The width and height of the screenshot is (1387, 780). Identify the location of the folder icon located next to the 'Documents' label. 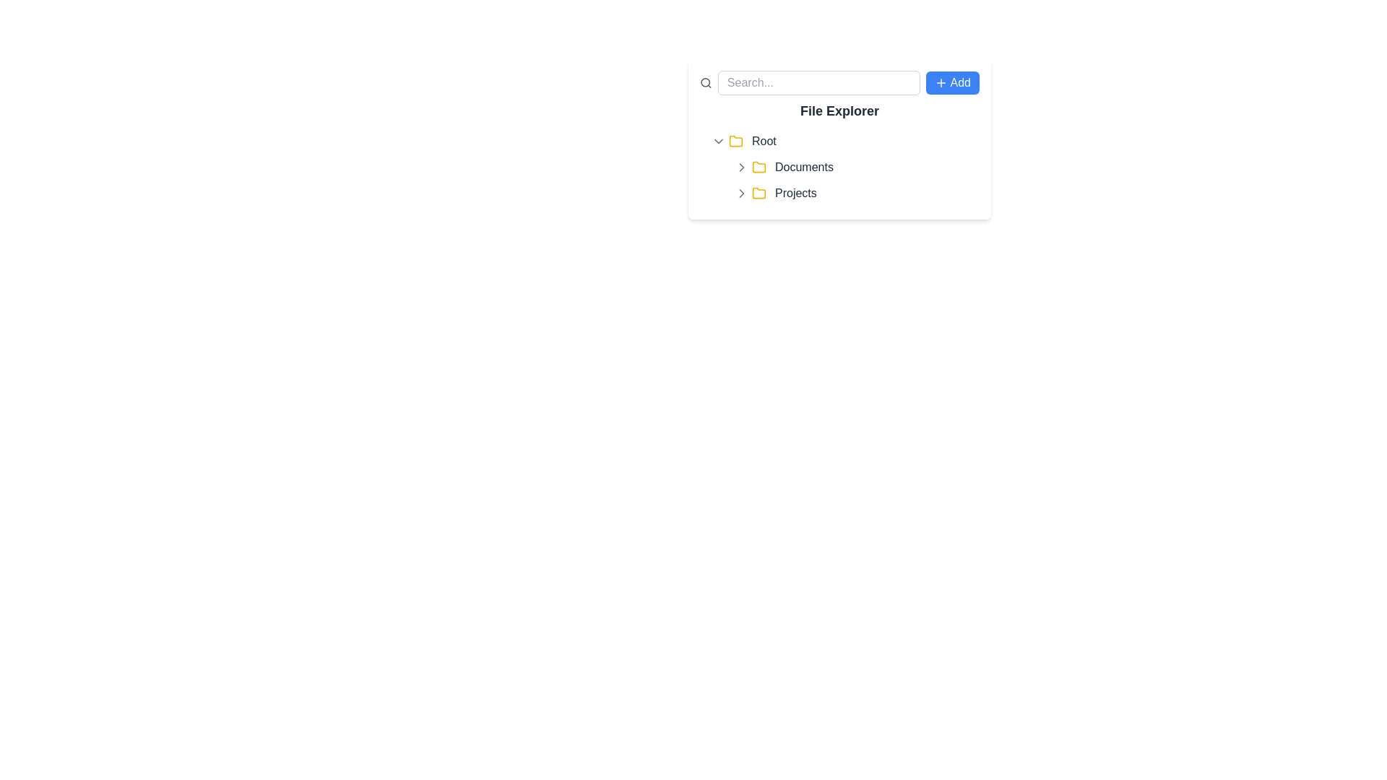
(759, 166).